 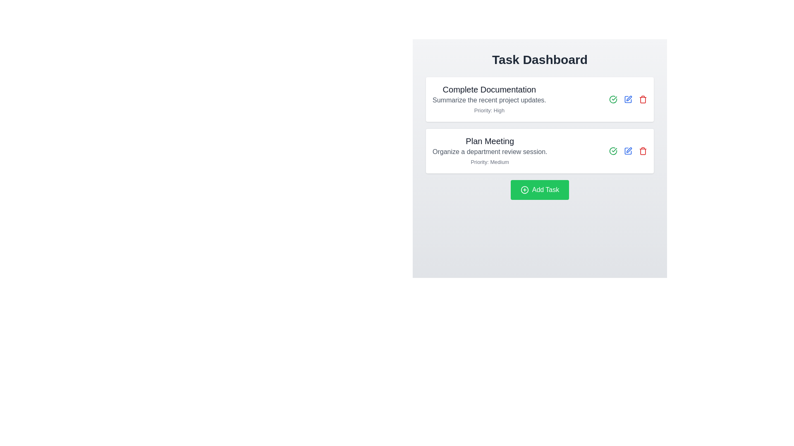 What do you see at coordinates (613, 99) in the screenshot?
I see `the first circular outline icon indicating partial progress located in the secondary action icons of the 'Plan Meeting' task item` at bounding box center [613, 99].